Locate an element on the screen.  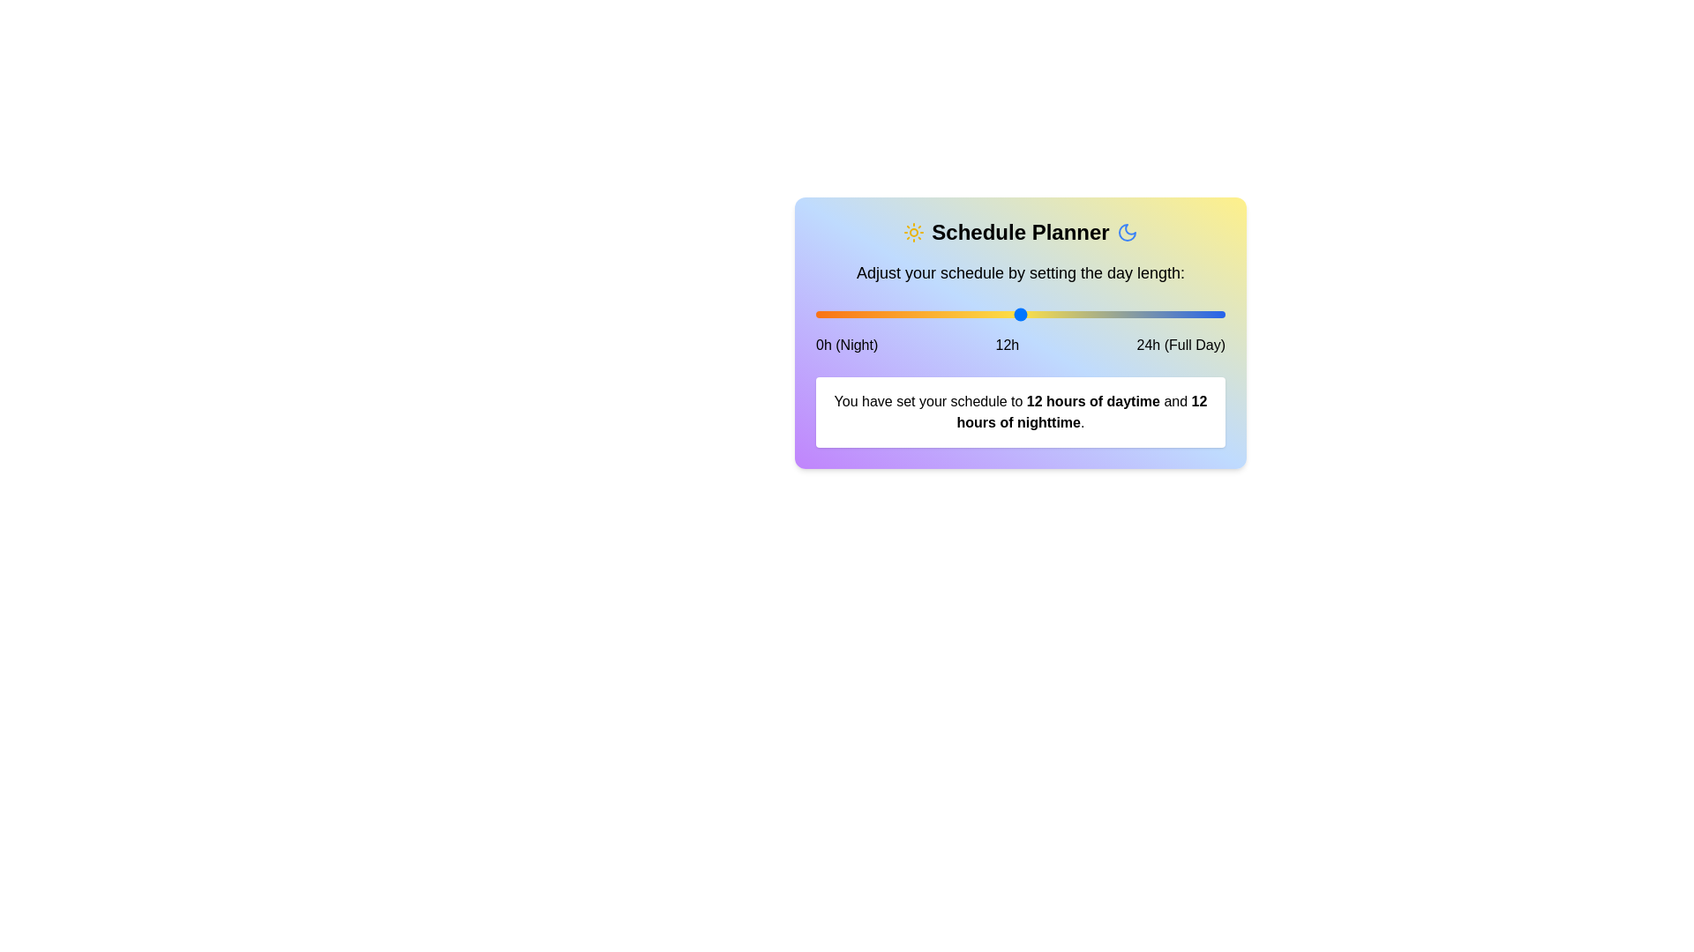
the slider to set the daytime hours to 5 is located at coordinates (901, 314).